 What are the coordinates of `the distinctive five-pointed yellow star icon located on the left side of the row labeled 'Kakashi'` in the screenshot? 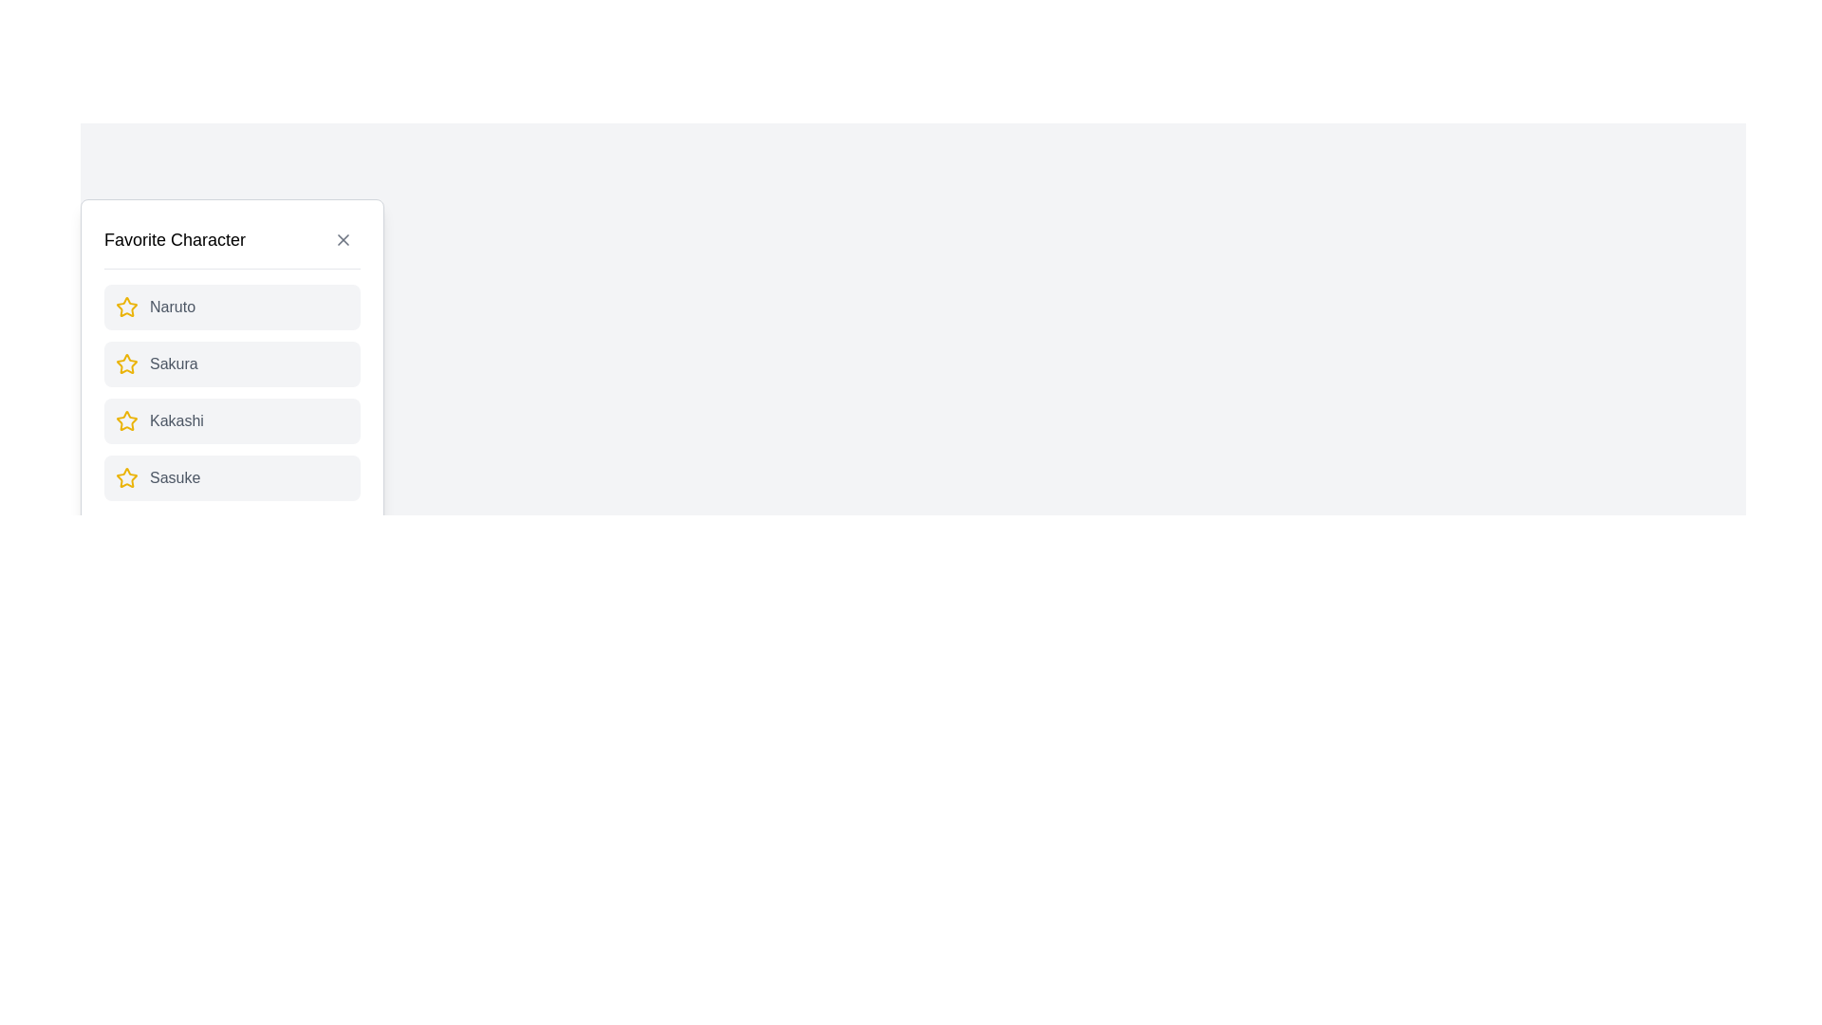 It's located at (126, 419).